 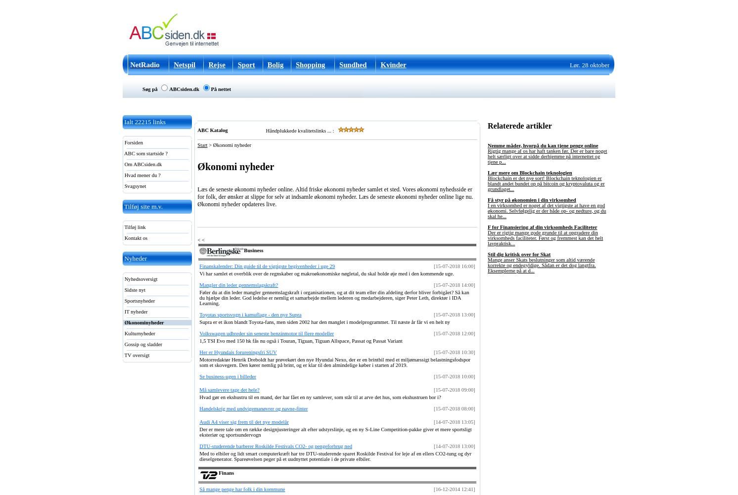 I want to click on '>', so click(x=206, y=144).